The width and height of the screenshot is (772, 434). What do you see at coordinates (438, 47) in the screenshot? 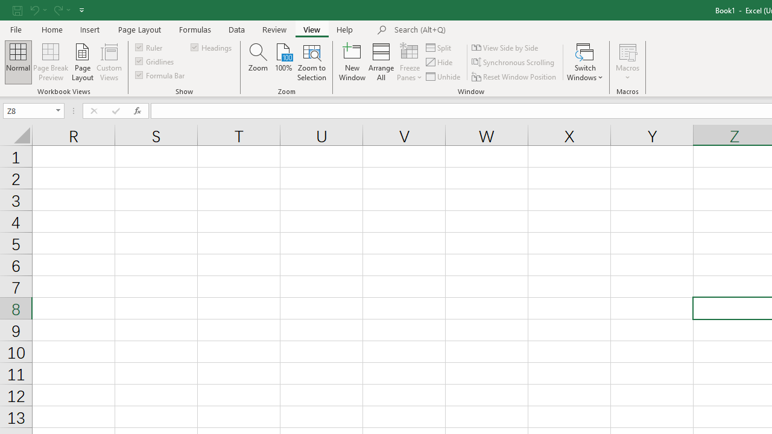
I see `'Split'` at bounding box center [438, 47].